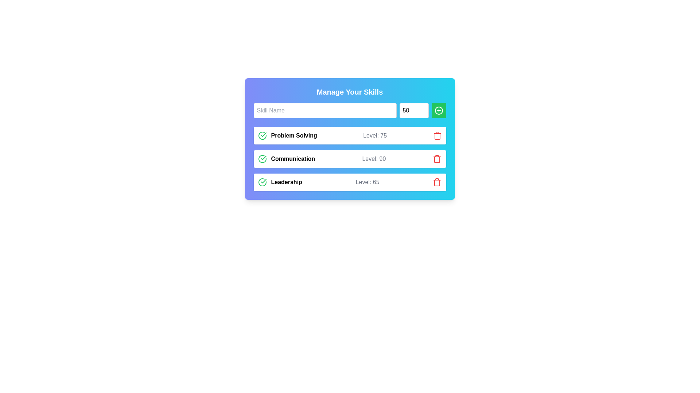 The width and height of the screenshot is (700, 393). Describe the element at coordinates (438, 111) in the screenshot. I see `the circular icon with a green background and white border, which is located to the right of the 'Skill Name' input field` at that location.